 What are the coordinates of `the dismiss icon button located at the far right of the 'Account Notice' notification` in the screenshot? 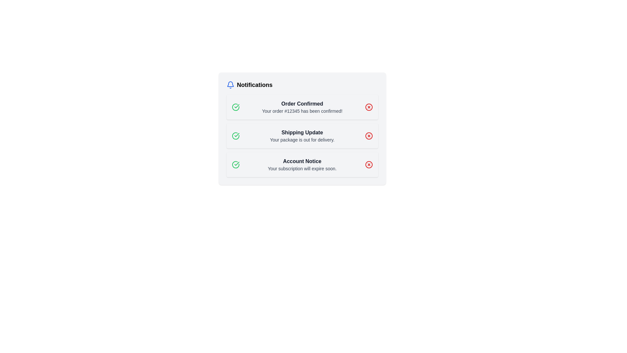 It's located at (369, 164).